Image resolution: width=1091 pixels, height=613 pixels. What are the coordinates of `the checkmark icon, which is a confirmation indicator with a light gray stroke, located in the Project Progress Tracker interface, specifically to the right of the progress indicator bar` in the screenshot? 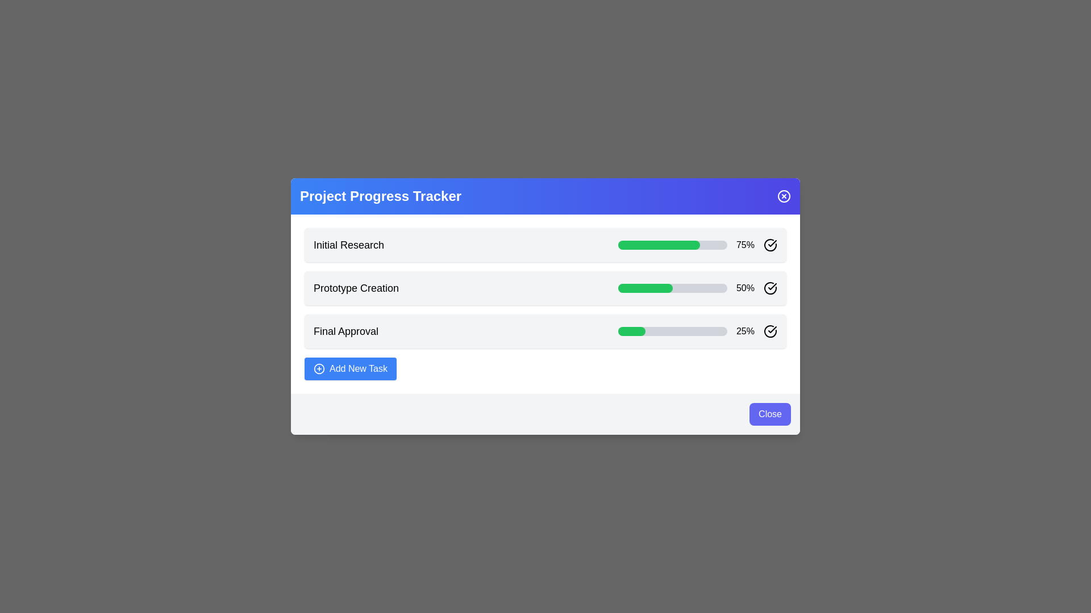 It's located at (772, 330).